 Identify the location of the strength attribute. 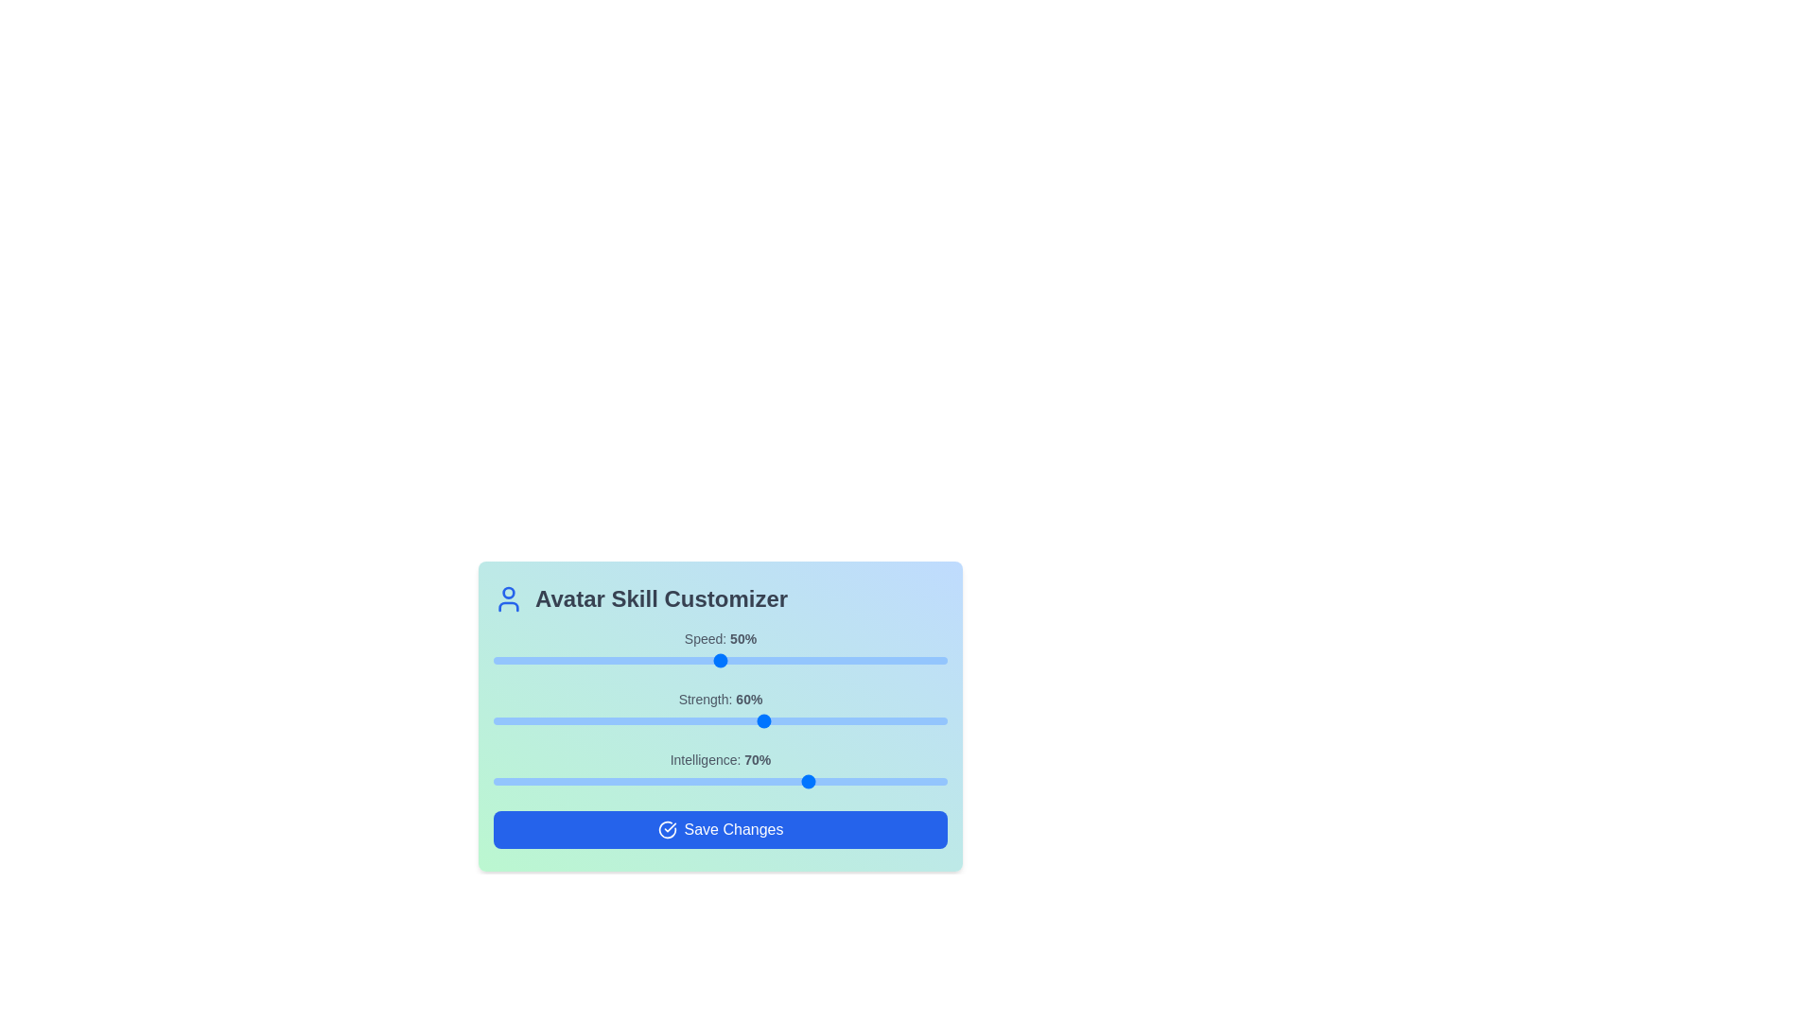
(842, 721).